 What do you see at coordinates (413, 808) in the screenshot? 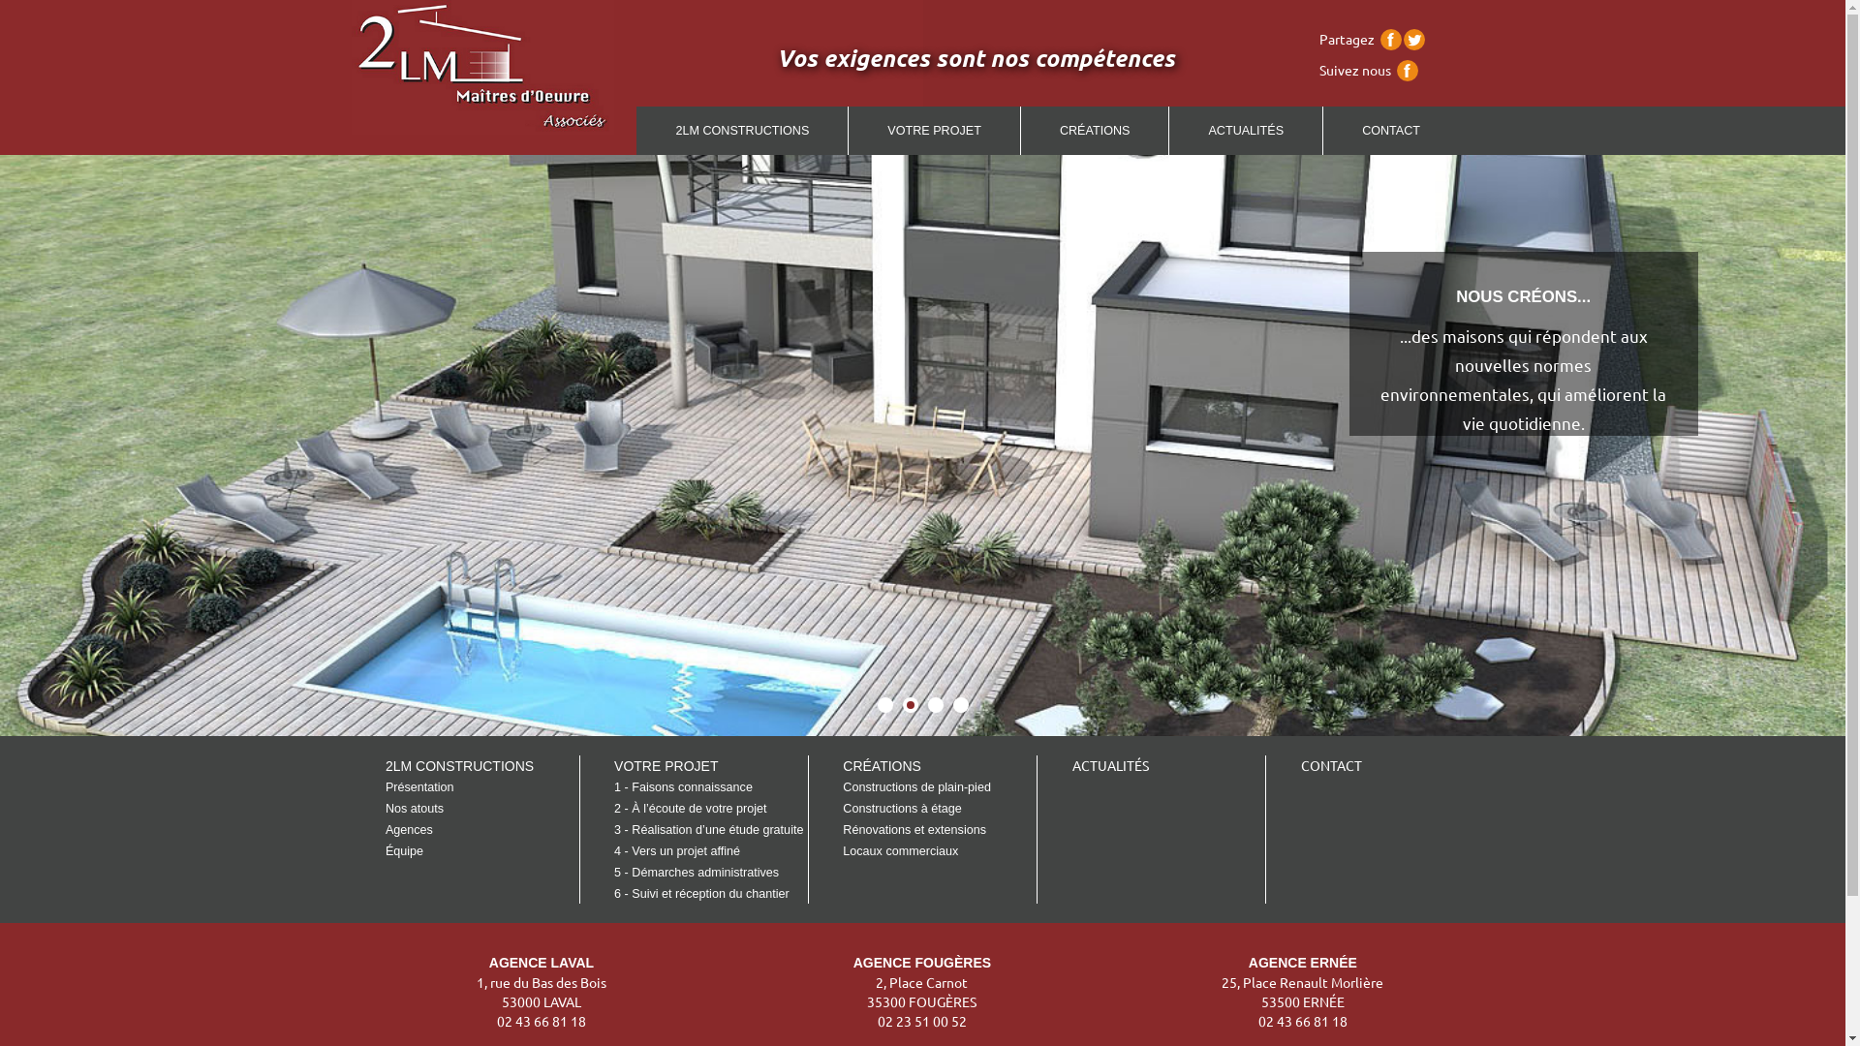
I see `'Nos atouts'` at bounding box center [413, 808].